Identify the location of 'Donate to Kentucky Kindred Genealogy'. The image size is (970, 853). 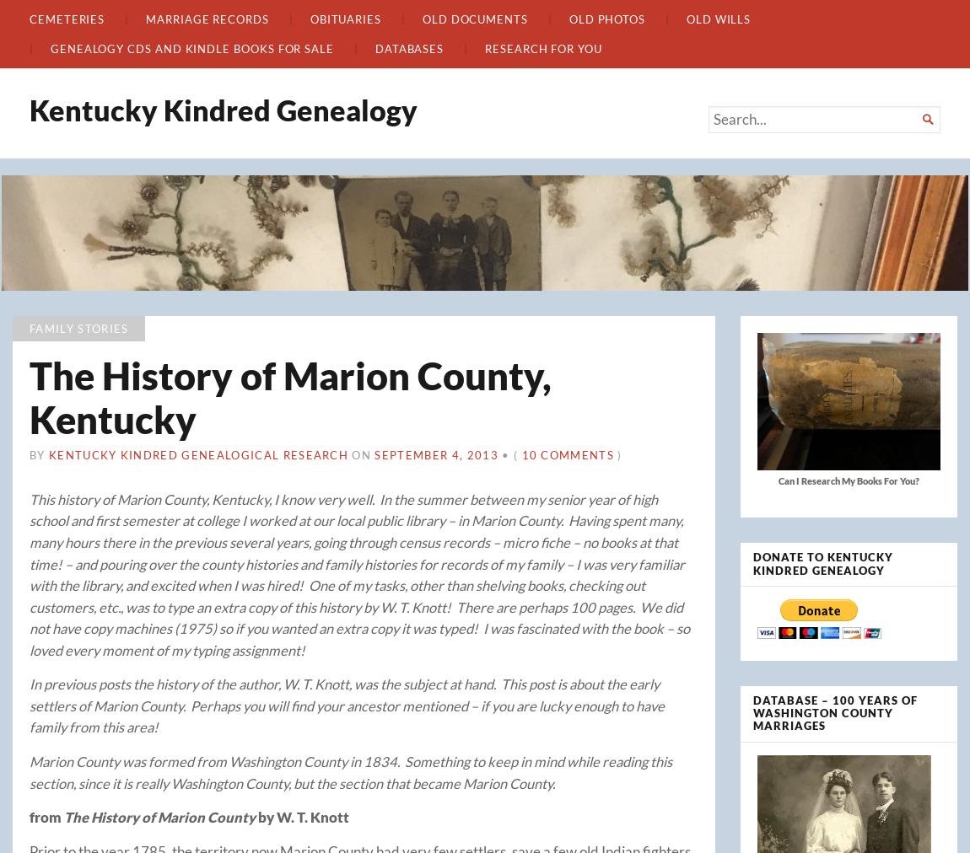
(822, 561).